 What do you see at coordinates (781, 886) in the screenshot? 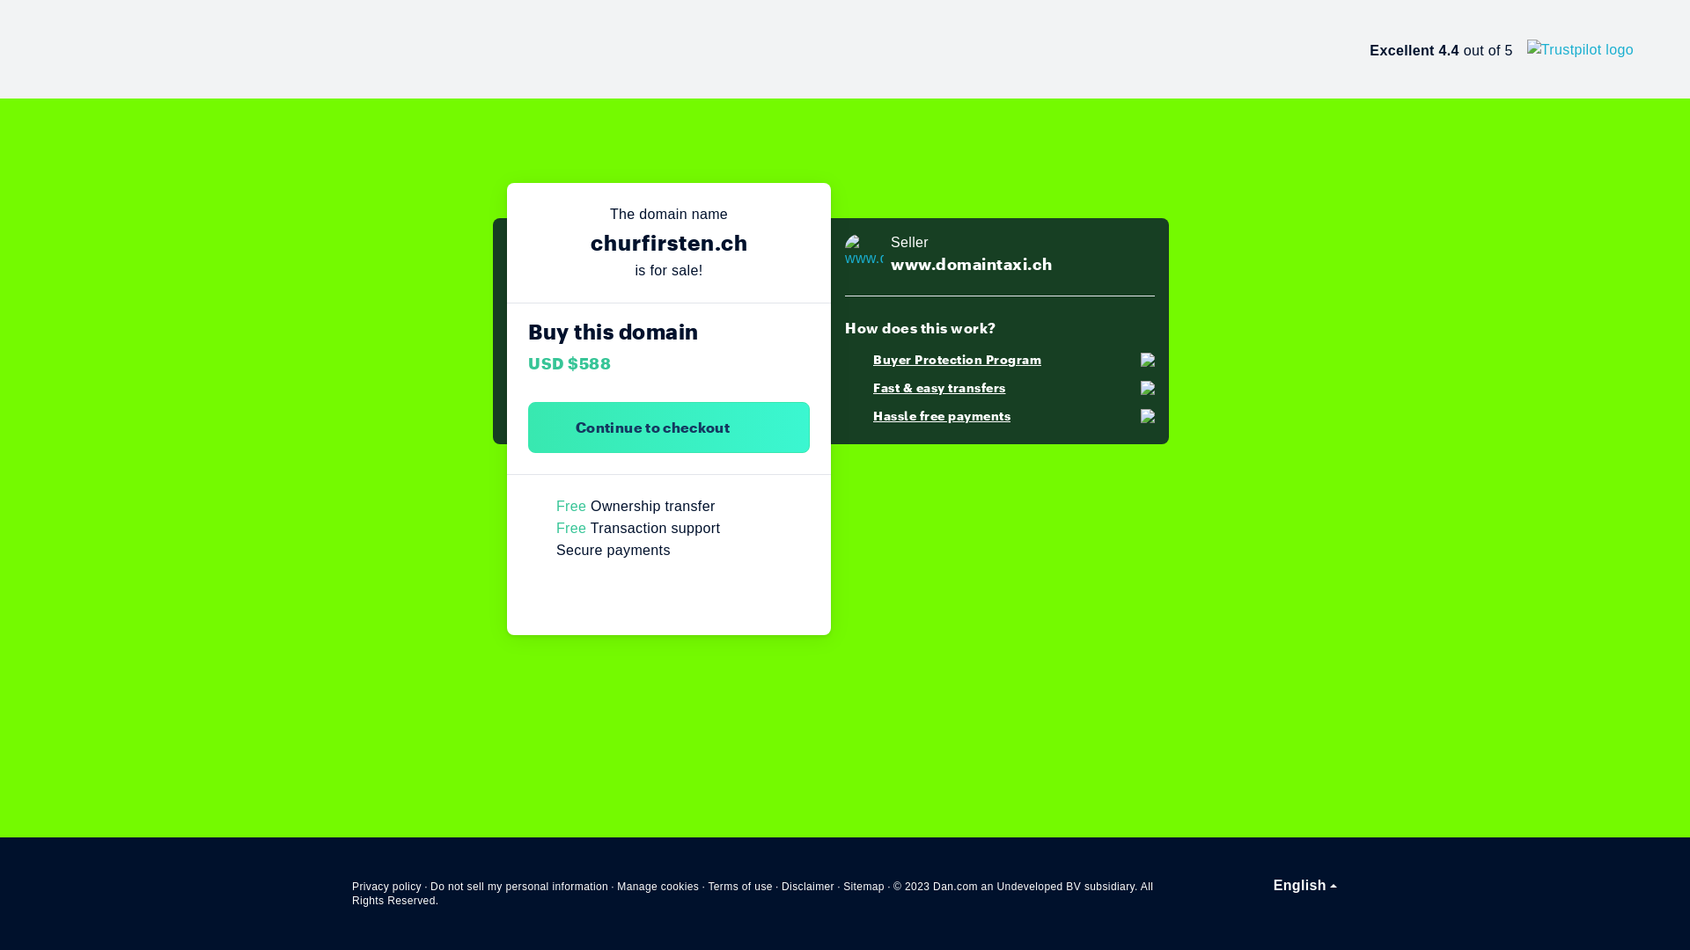
I see `'Disclaimer'` at bounding box center [781, 886].